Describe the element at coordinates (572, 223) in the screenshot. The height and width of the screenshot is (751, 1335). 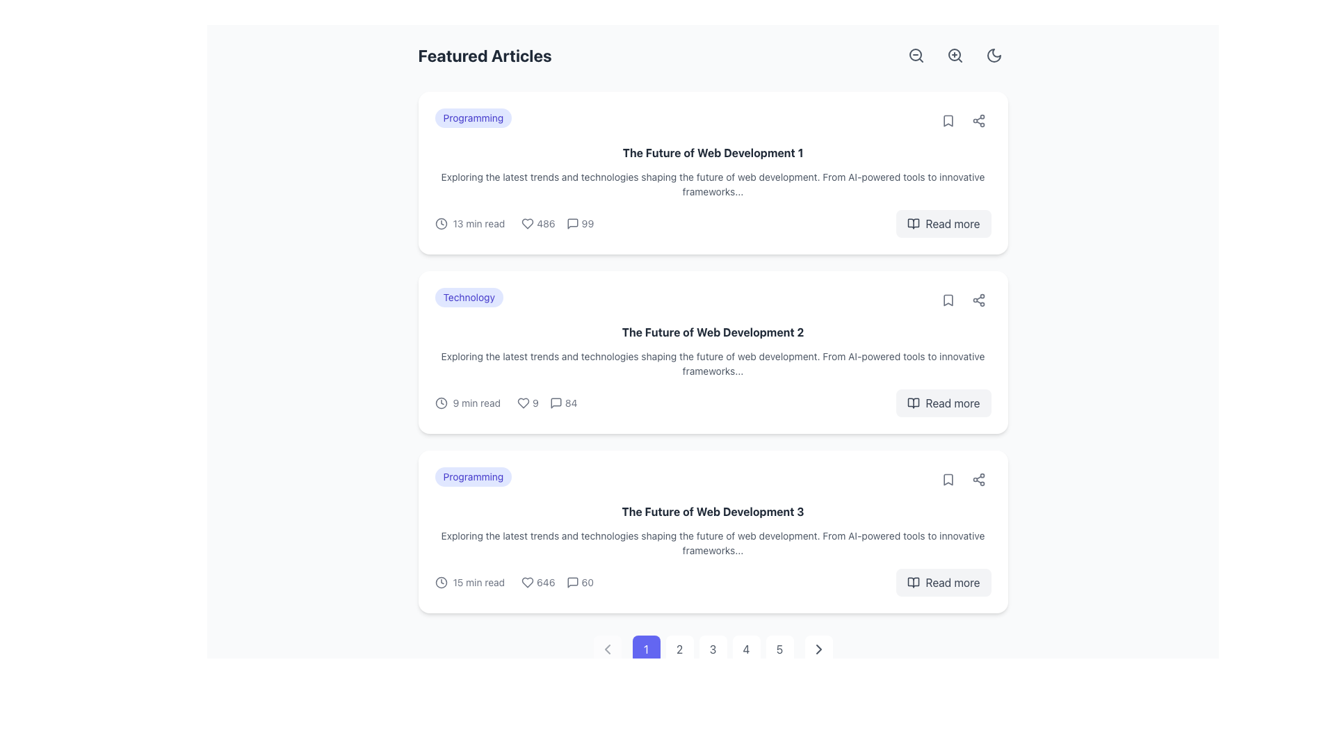
I see `the comments icon located to the right of the heart icon in the article card titled 'The Future of Web Development 1', which allows interaction with comments related to the article` at that location.